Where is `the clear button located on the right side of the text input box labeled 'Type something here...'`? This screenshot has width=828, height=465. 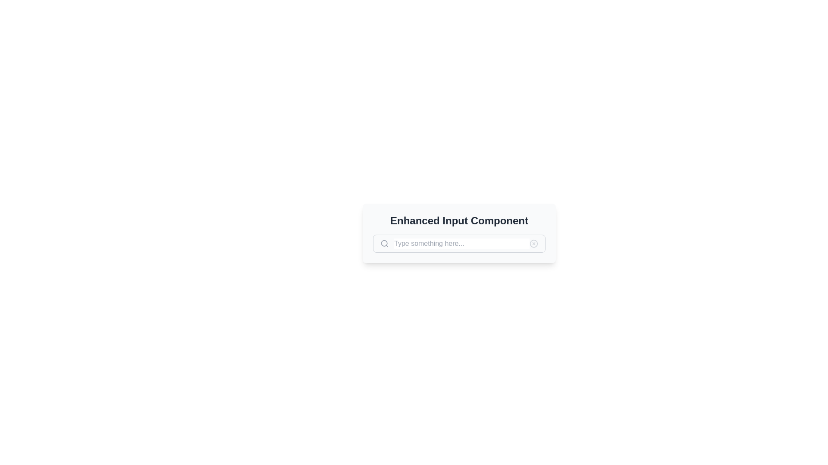 the clear button located on the right side of the text input box labeled 'Type something here...' is located at coordinates (533, 244).